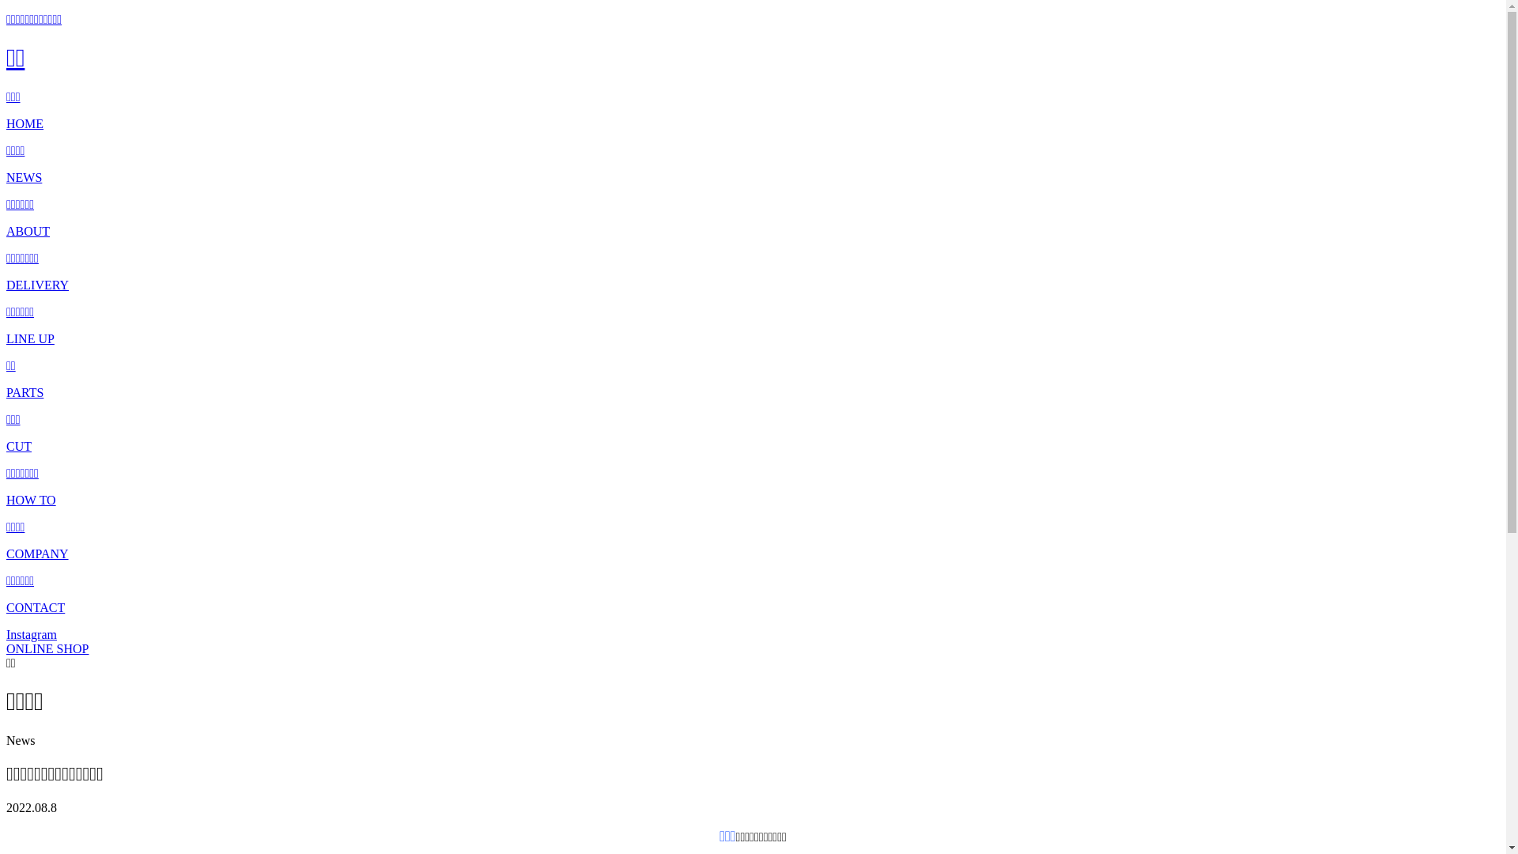  I want to click on 'ONLINE SHOP', so click(47, 648).